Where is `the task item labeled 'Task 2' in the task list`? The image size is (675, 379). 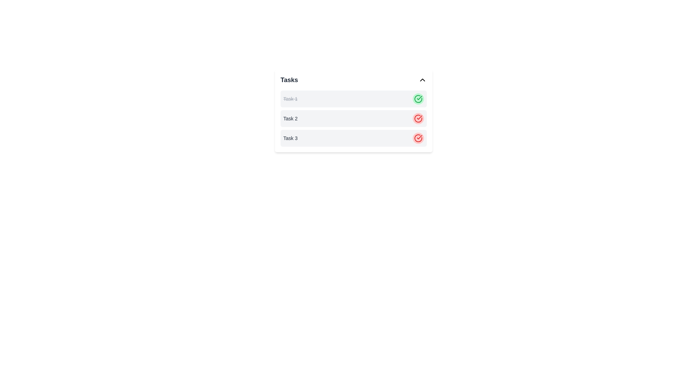
the task item labeled 'Task 2' in the task list is located at coordinates (354, 118).